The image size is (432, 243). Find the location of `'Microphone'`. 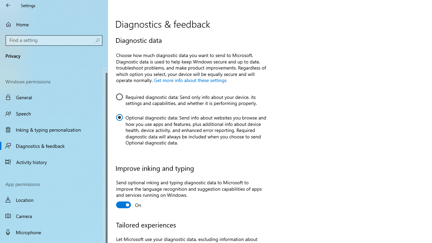

'Microphone' is located at coordinates (54, 232).